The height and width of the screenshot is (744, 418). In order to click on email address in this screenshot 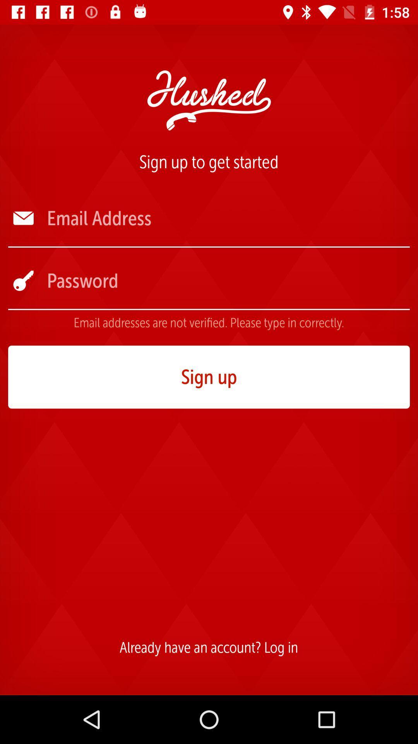, I will do `click(227, 218)`.